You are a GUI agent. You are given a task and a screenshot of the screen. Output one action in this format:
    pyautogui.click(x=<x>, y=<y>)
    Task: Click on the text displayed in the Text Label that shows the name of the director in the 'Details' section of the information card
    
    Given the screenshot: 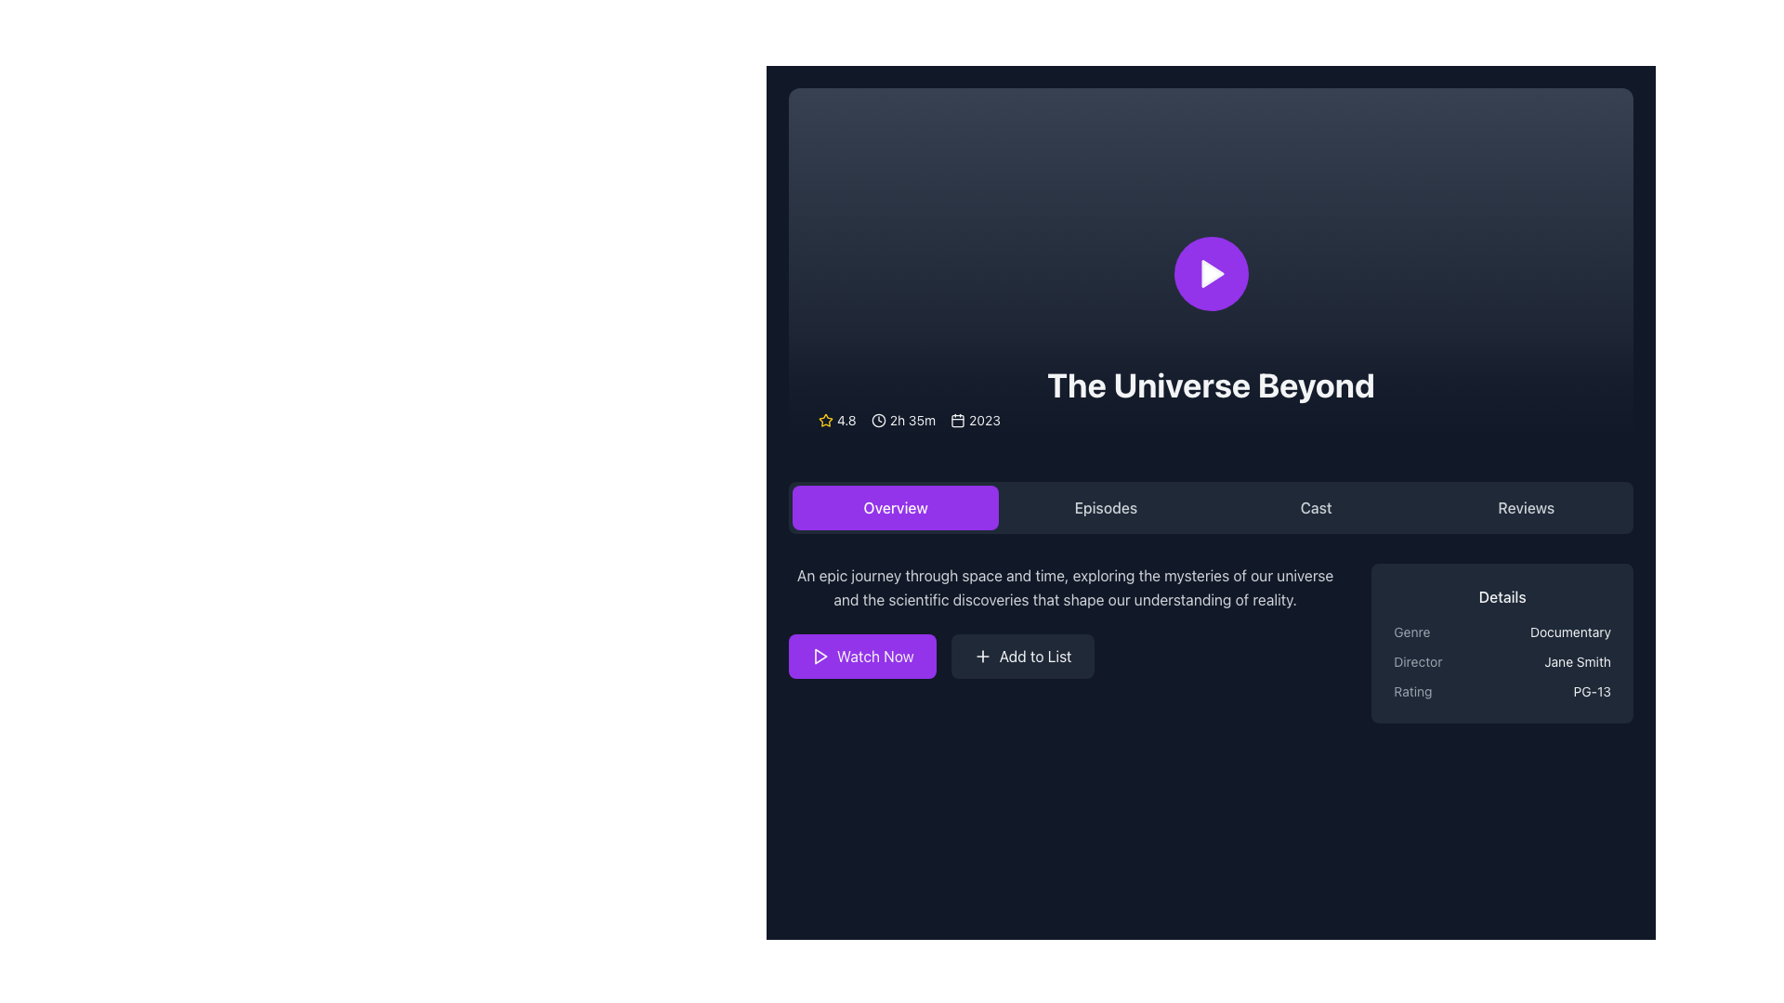 What is the action you would take?
    pyautogui.click(x=1577, y=661)
    